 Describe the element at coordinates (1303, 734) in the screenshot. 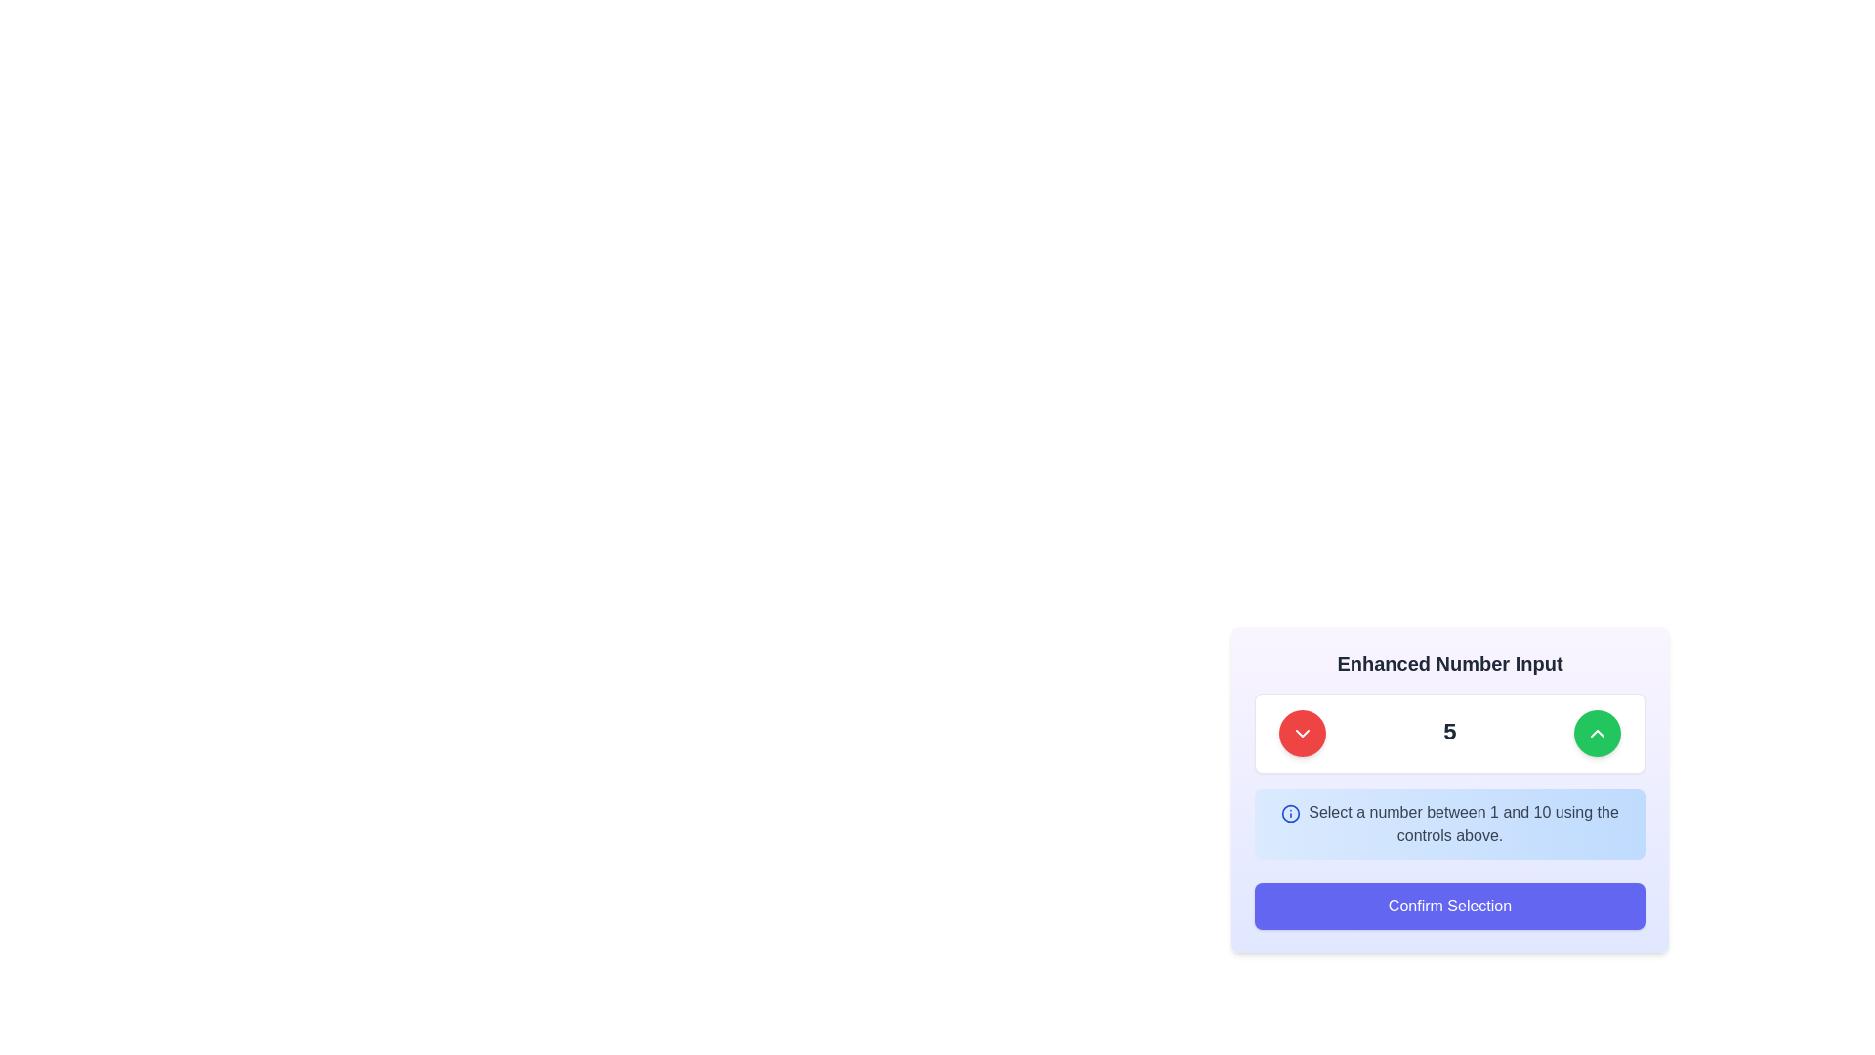

I see `the red circular button that decreases the number in the input field` at that location.